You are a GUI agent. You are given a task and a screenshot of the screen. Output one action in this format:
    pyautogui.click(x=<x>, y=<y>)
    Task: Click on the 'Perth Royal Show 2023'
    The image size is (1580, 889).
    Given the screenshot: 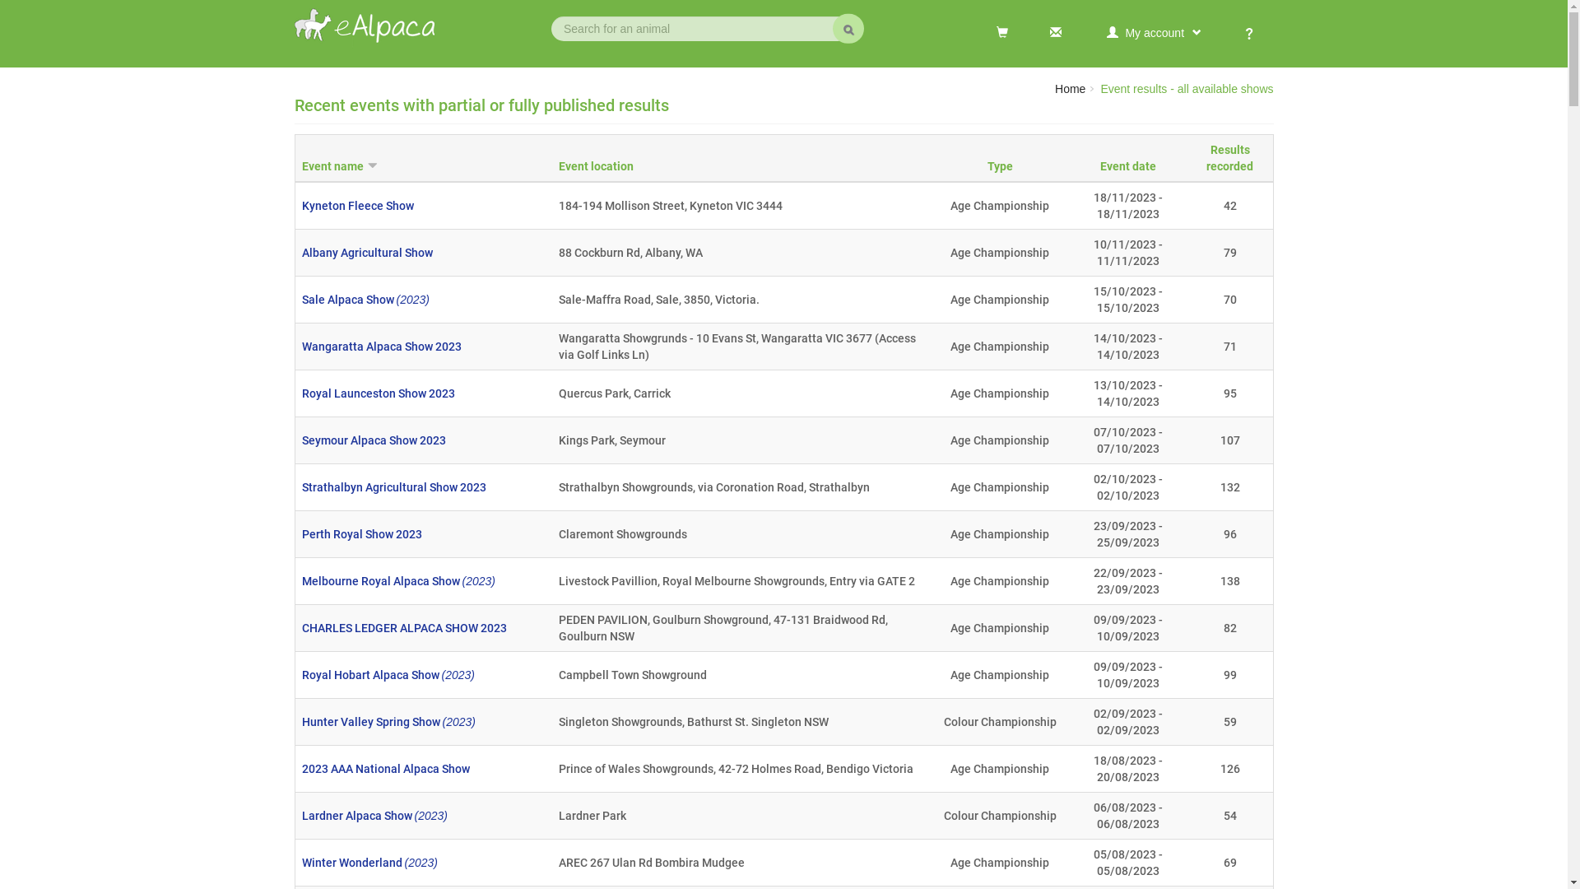 What is the action you would take?
    pyautogui.click(x=360, y=533)
    